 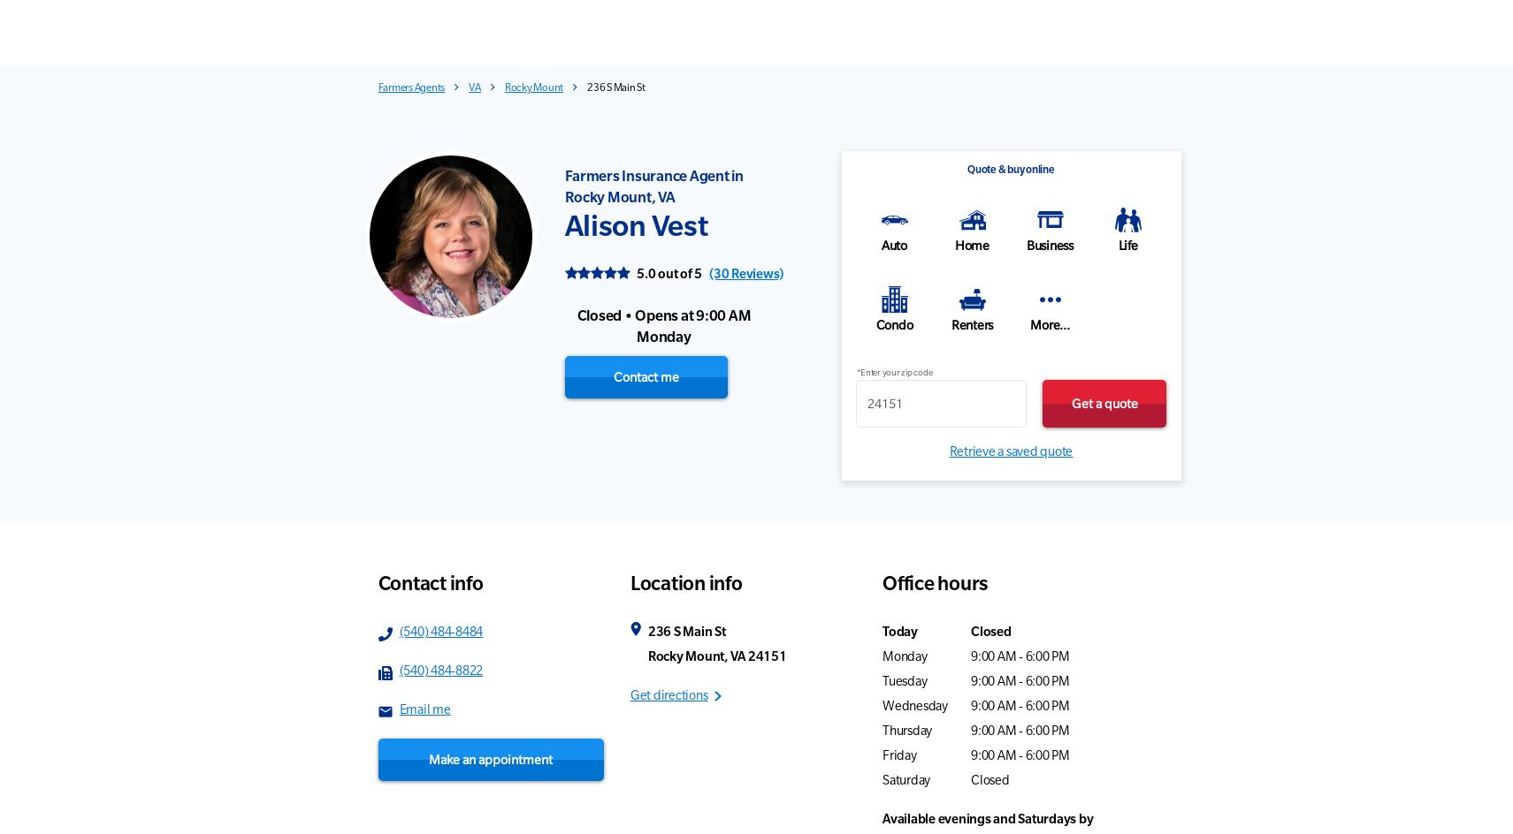 What do you see at coordinates (1223, 697) in the screenshot?
I see `'June 12, 2022'` at bounding box center [1223, 697].